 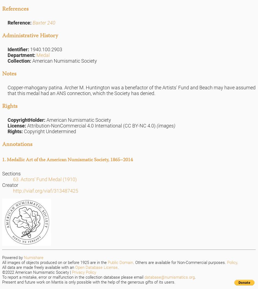 I want to click on 'Department:', so click(x=8, y=54).